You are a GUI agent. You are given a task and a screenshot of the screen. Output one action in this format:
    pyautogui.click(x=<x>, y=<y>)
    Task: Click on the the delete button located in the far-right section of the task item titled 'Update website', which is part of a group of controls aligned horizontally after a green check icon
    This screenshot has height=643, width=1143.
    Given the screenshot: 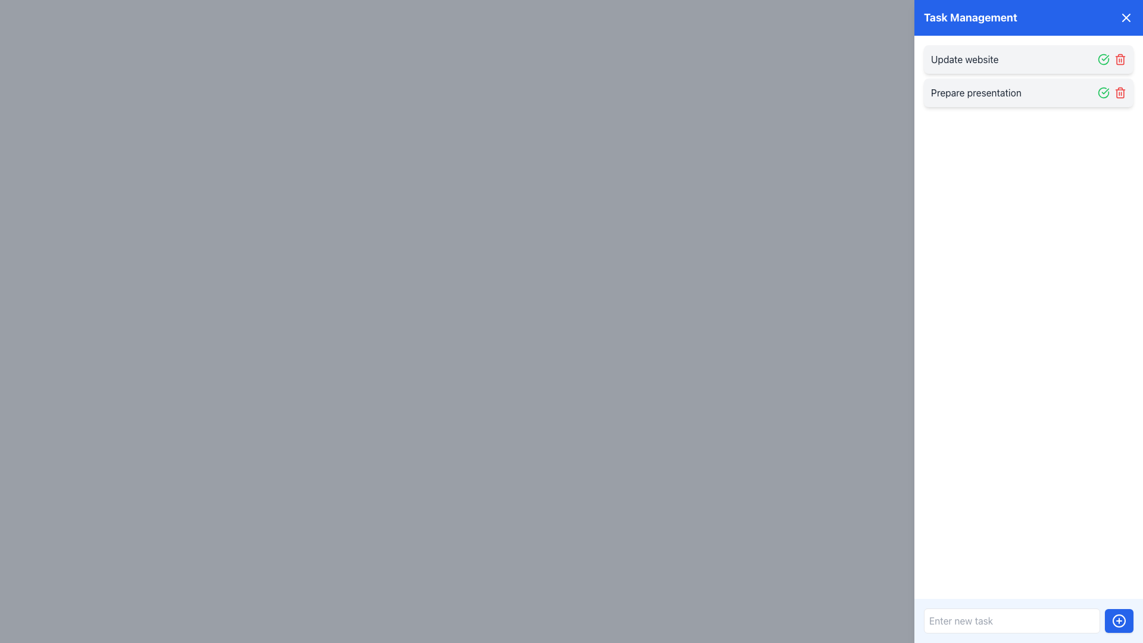 What is the action you would take?
    pyautogui.click(x=1119, y=60)
    